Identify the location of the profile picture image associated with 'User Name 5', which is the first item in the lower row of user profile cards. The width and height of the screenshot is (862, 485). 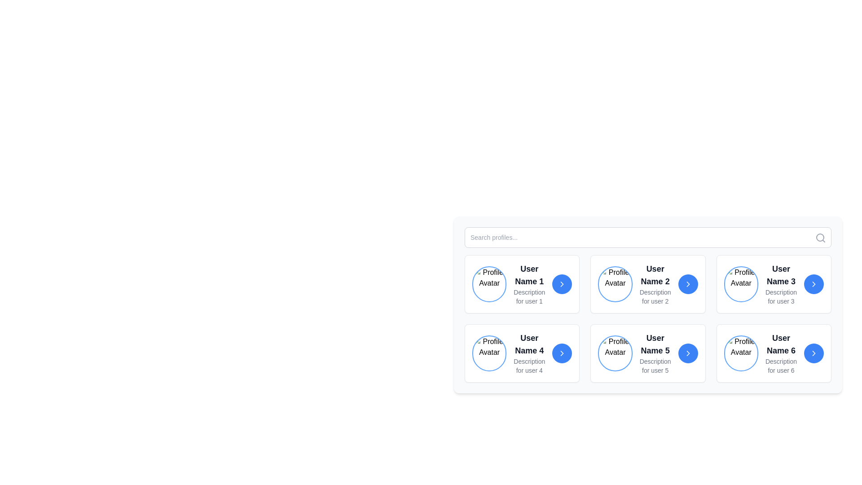
(615, 353).